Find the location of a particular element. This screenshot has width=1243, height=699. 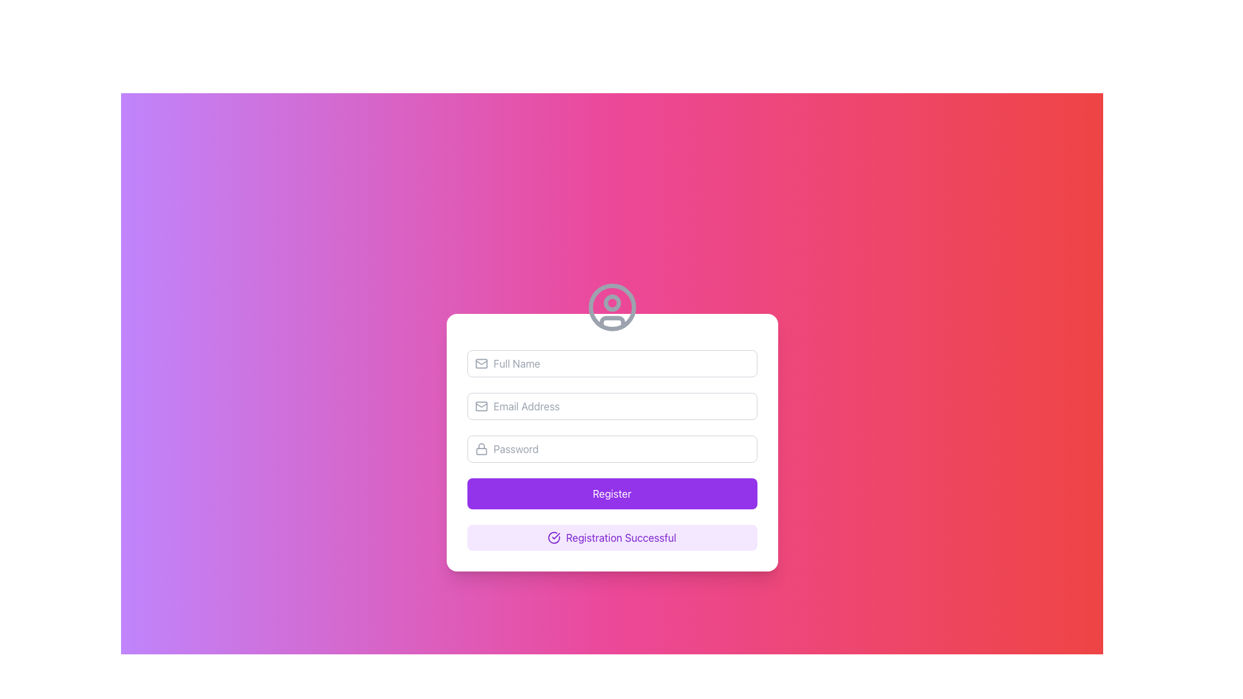

the outermost circular border of the user profile icon graphic, which symbolizes the user's avatar or identity is located at coordinates (611, 307).